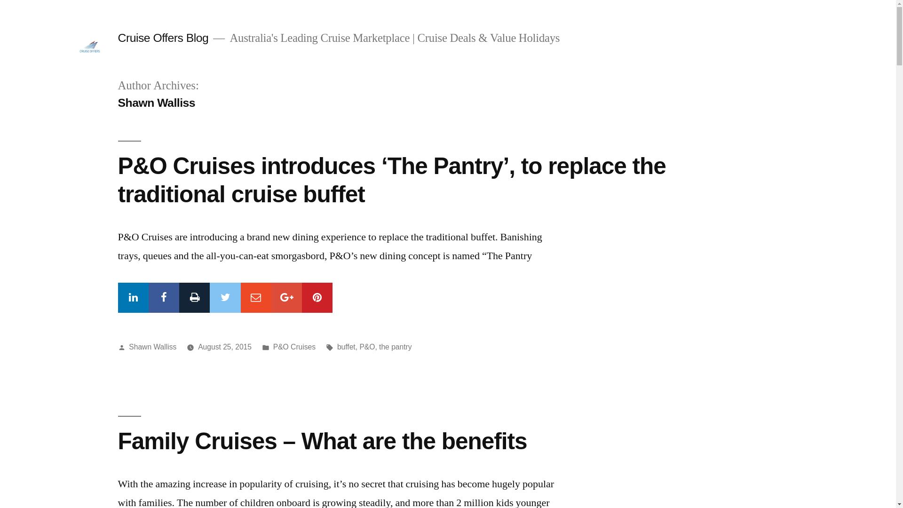  What do you see at coordinates (302, 297) in the screenshot?
I see `'Pinterest'` at bounding box center [302, 297].